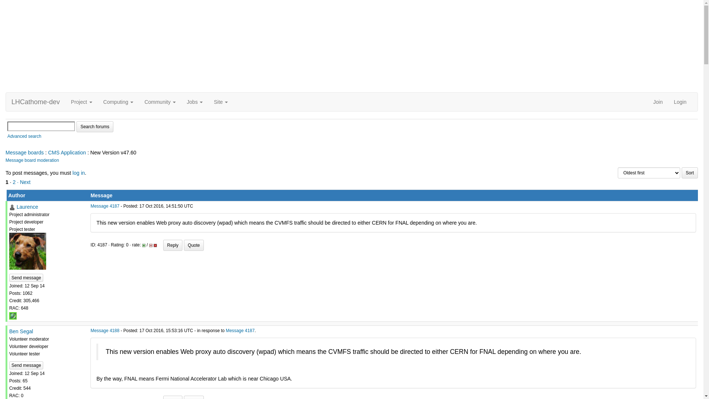 The height and width of the screenshot is (399, 709). Describe the element at coordinates (35, 102) in the screenshot. I see `'LHCathome-dev'` at that location.